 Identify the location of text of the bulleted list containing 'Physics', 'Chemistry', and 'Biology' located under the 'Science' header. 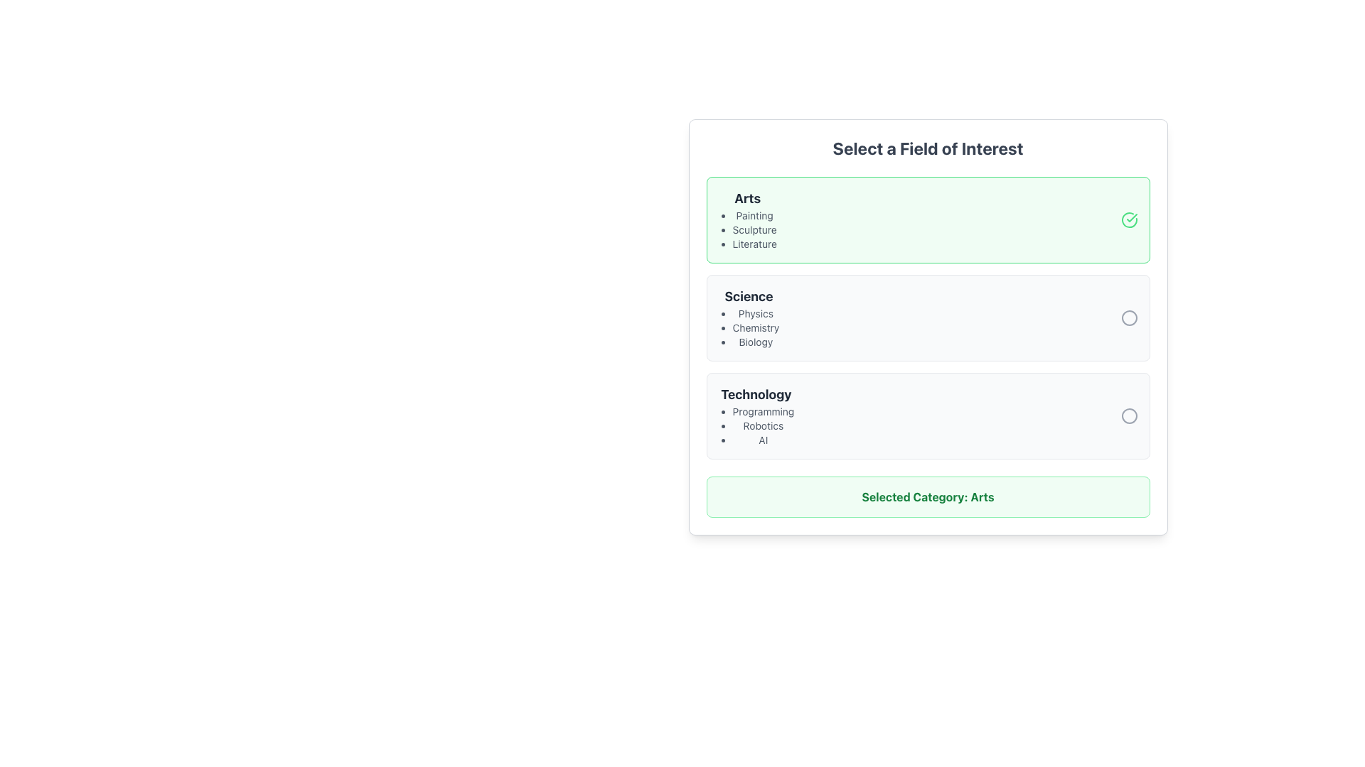
(748, 328).